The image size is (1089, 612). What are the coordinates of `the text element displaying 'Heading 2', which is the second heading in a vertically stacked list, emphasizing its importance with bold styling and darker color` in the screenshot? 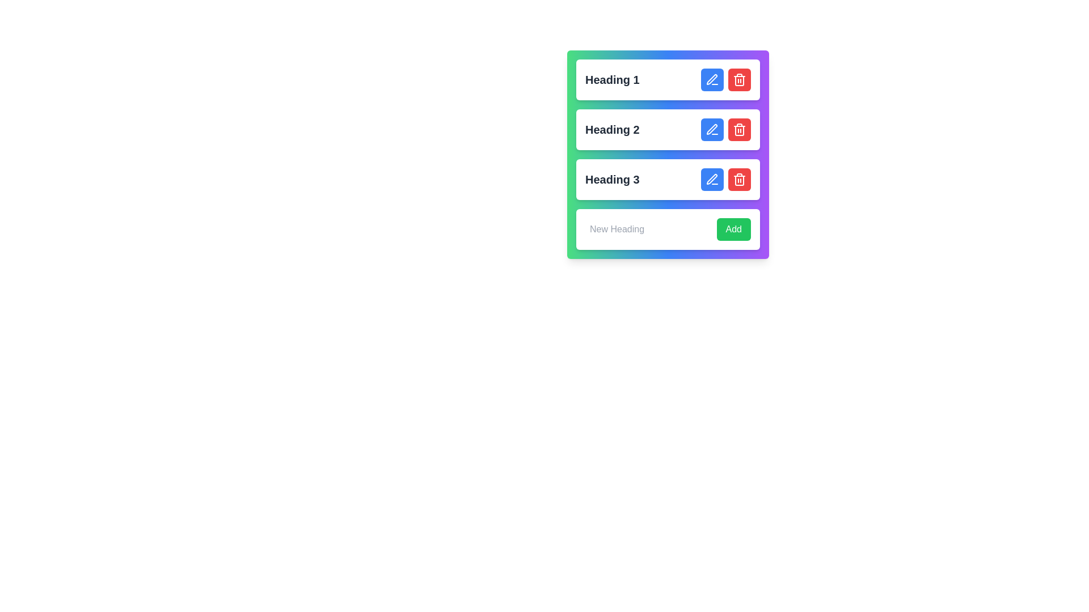 It's located at (611, 129).